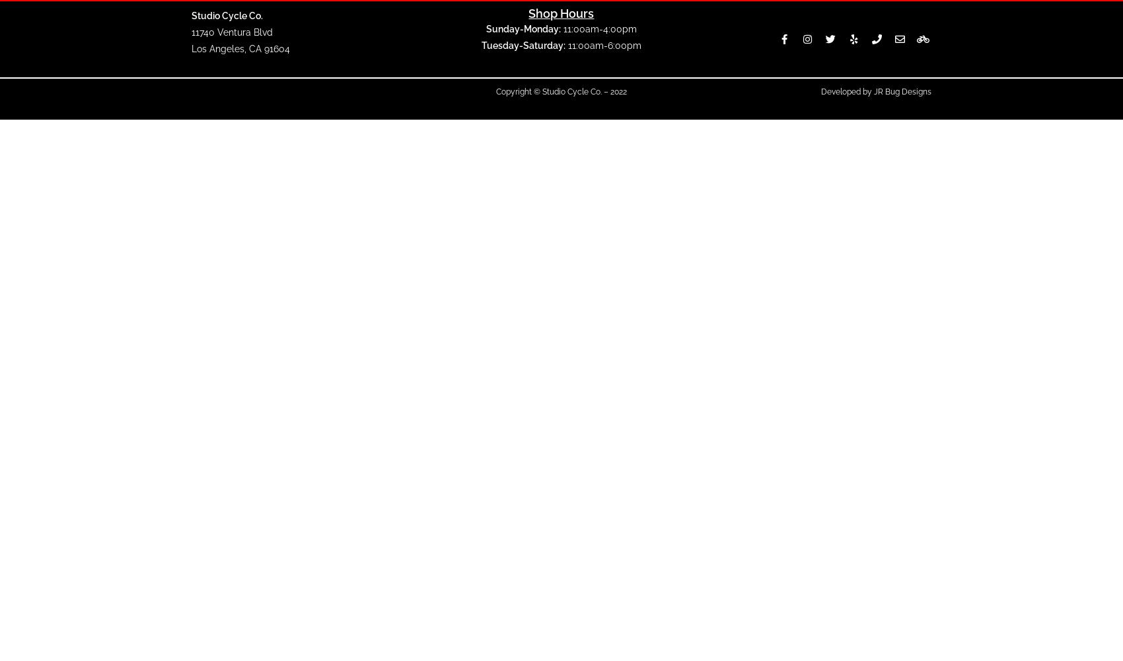  What do you see at coordinates (602, 44) in the screenshot?
I see `'11:00am-6:00pm'` at bounding box center [602, 44].